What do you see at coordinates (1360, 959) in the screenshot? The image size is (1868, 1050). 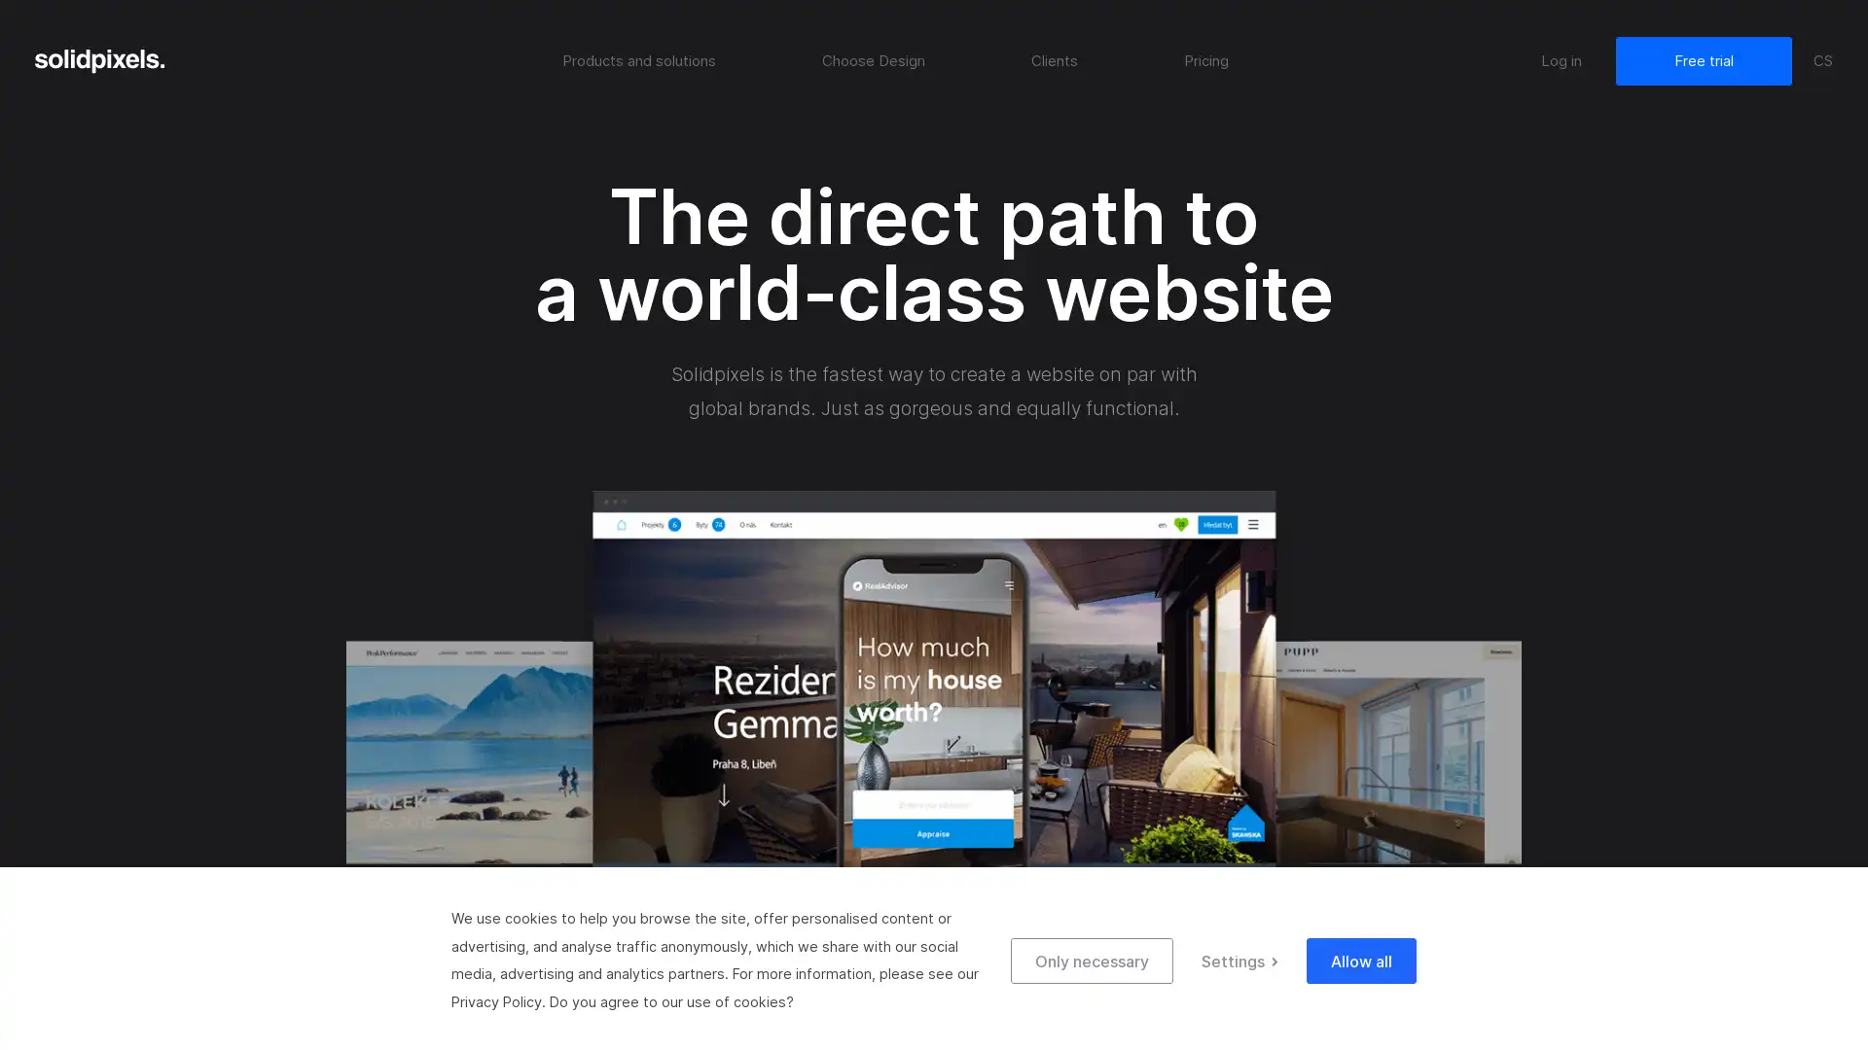 I see `Allow all` at bounding box center [1360, 959].